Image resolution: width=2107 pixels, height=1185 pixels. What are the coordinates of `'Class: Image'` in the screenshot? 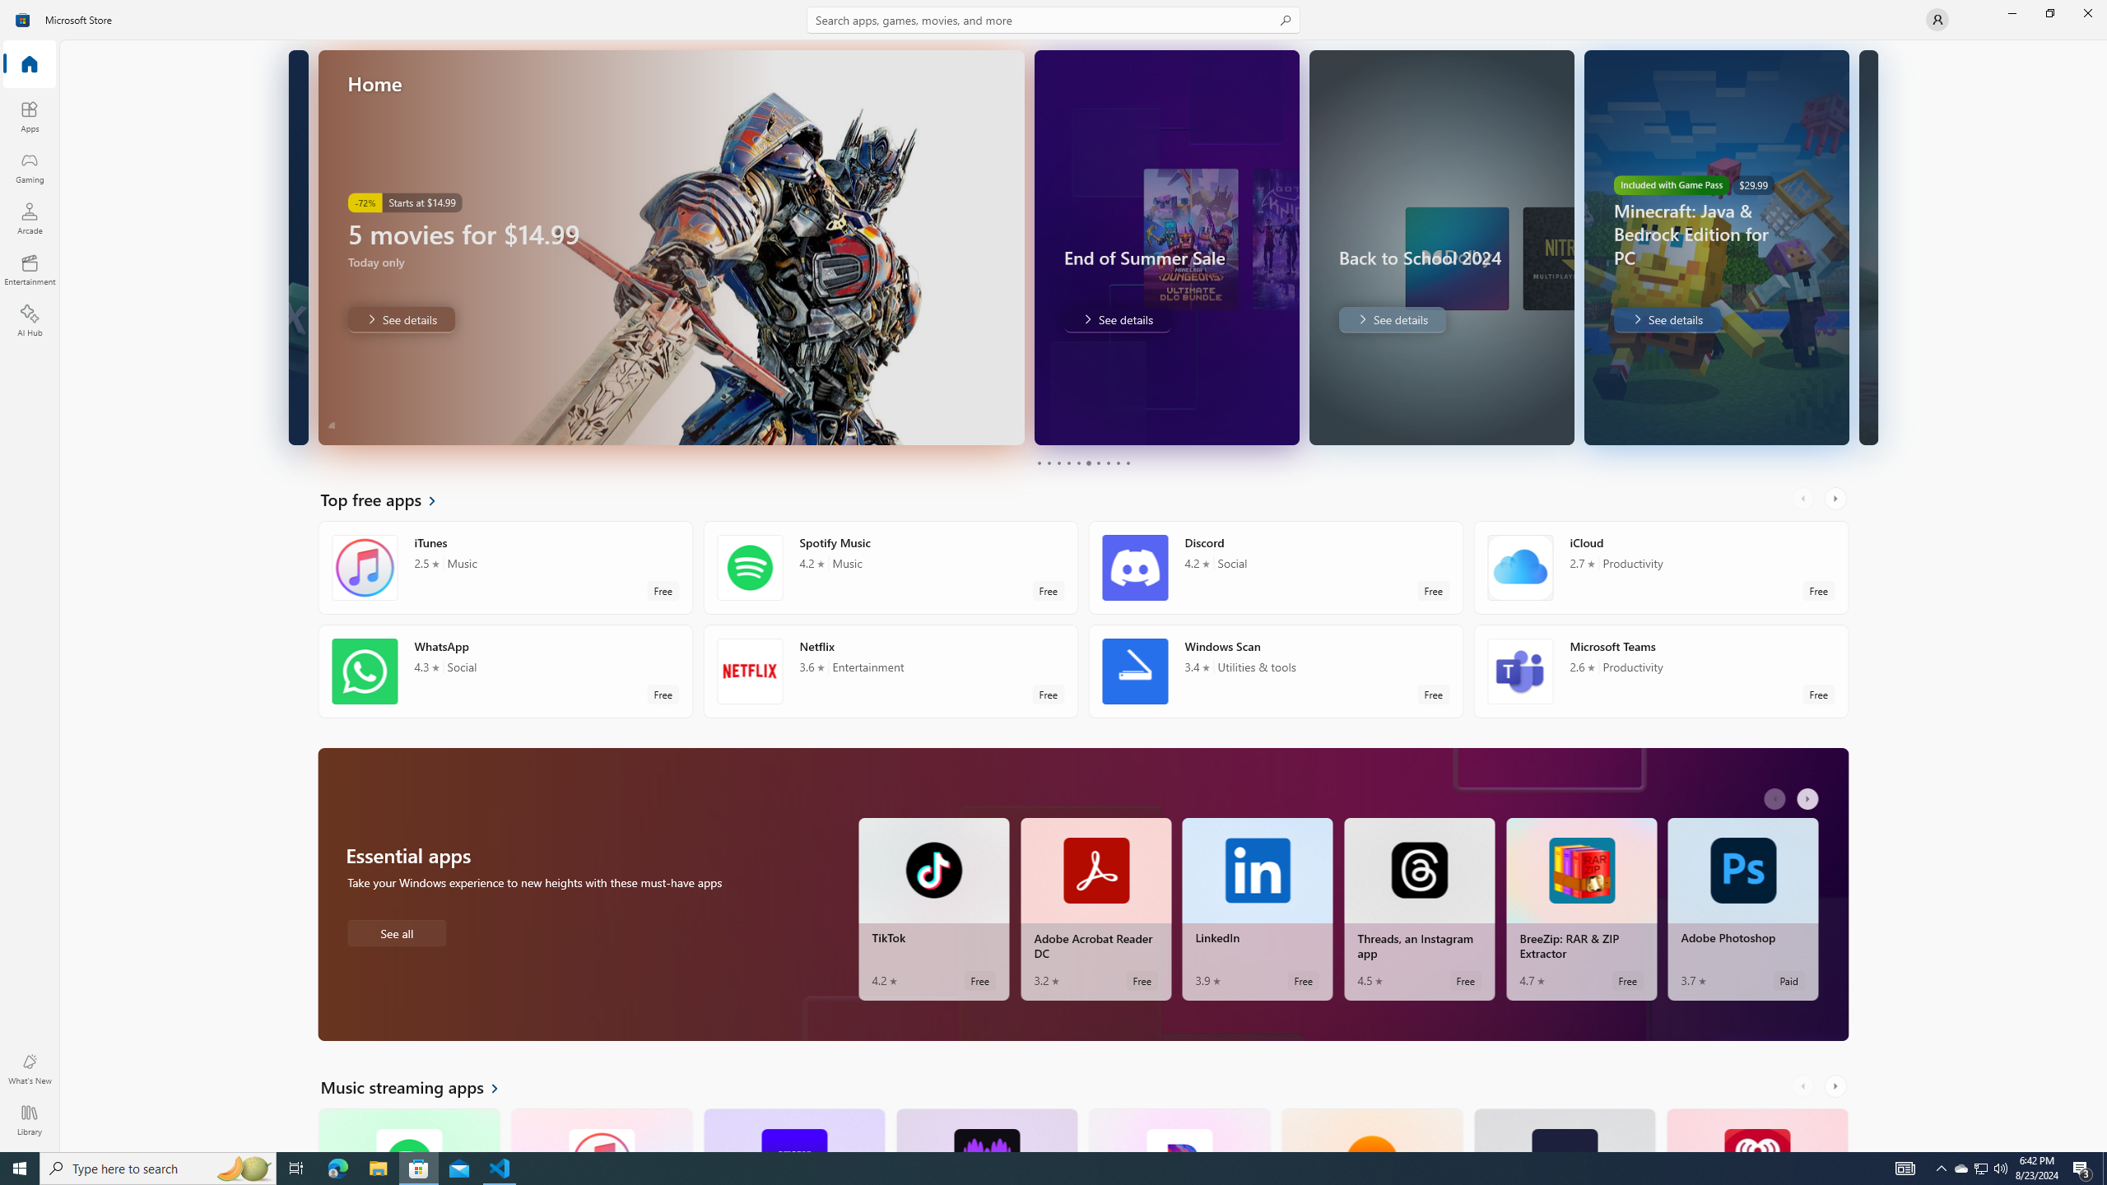 It's located at (23, 18).